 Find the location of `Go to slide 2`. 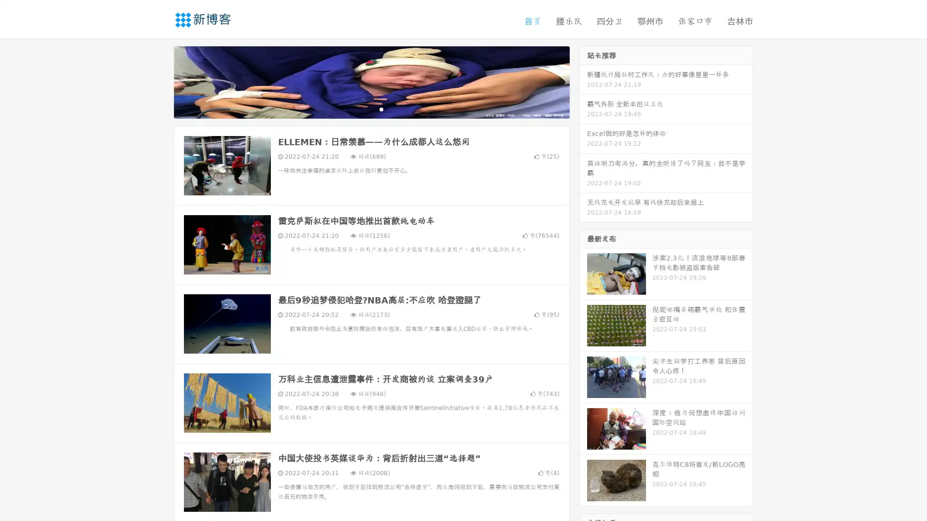

Go to slide 2 is located at coordinates (371, 109).